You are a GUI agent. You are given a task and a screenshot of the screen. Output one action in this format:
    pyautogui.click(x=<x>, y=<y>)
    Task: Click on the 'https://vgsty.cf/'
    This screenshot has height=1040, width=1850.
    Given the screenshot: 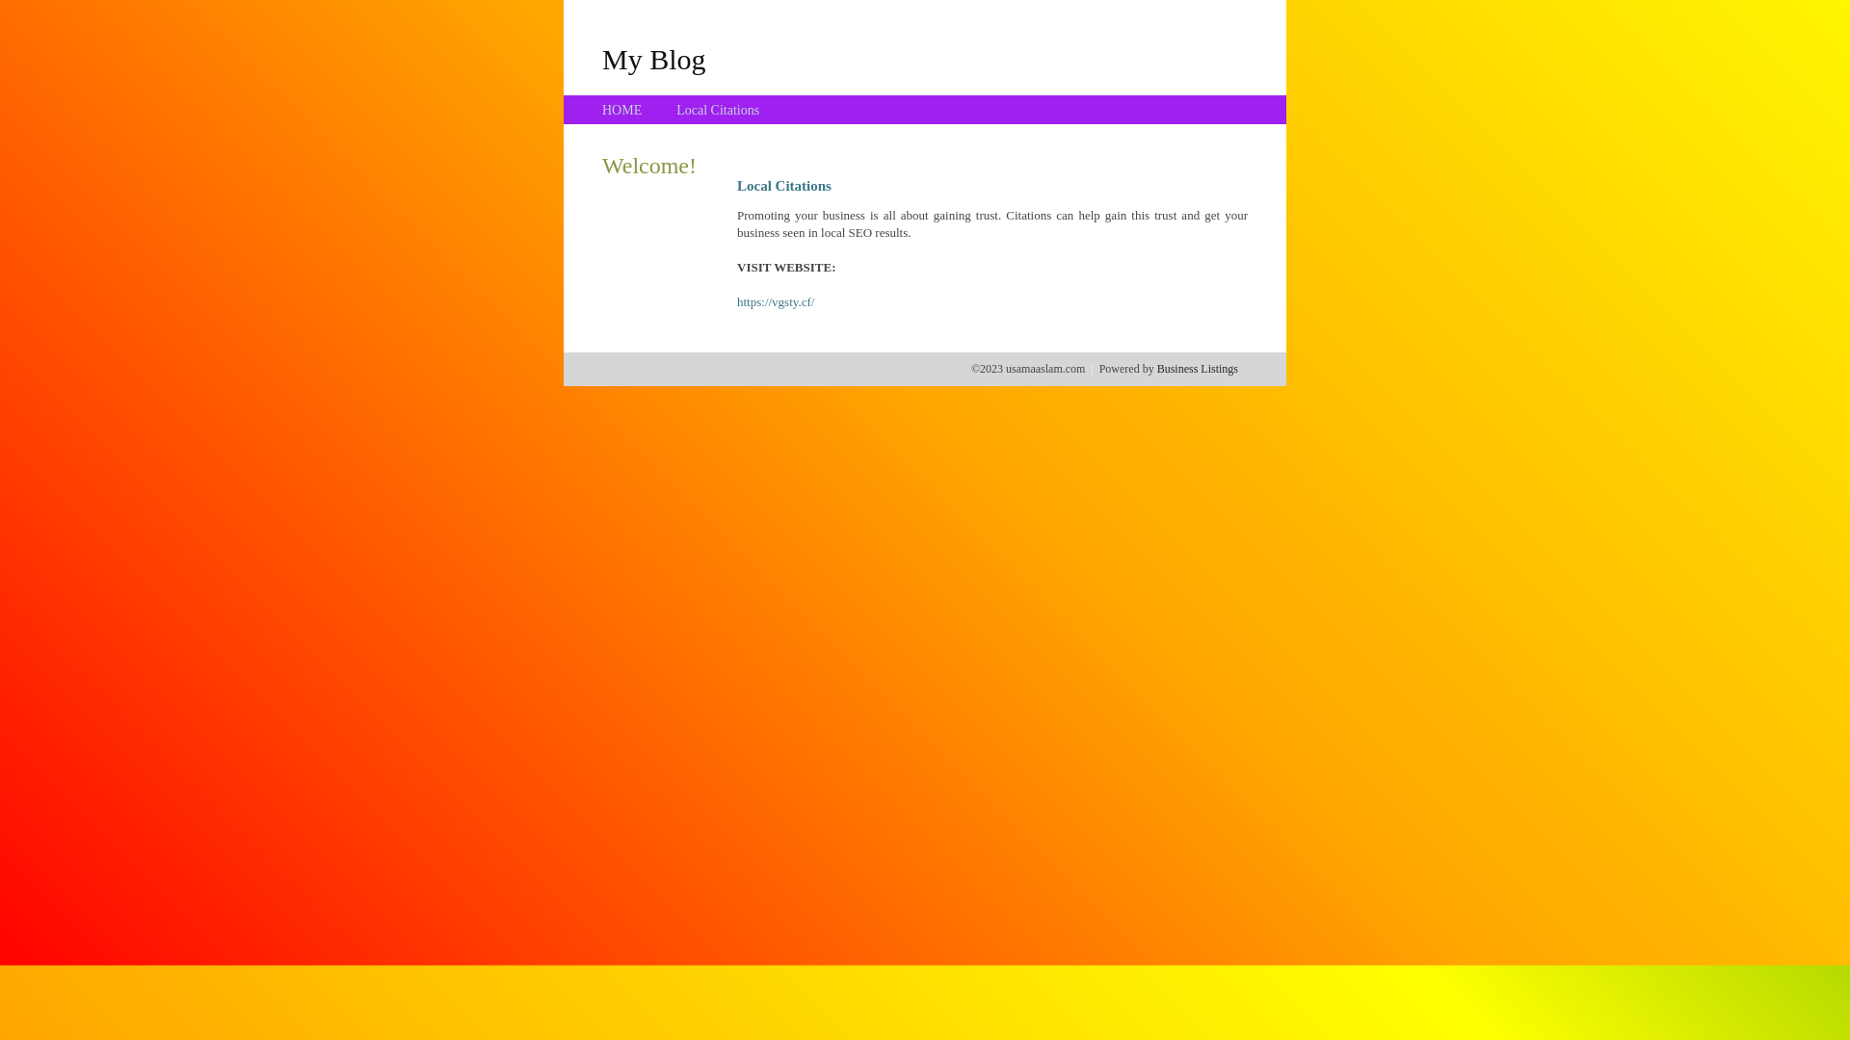 What is the action you would take?
    pyautogui.click(x=776, y=301)
    